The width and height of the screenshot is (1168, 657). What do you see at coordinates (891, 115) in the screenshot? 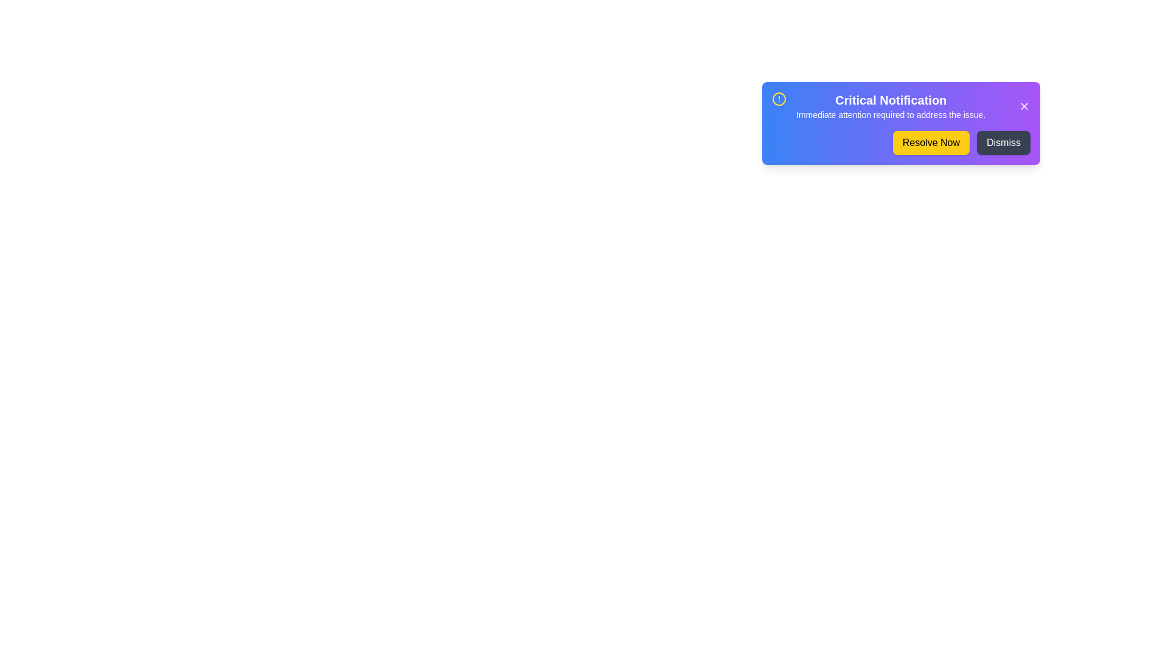
I see `the text element that reads 'Immediate attention required to address the issue,' which is located below the 'Critical Notification' heading in the notification card` at bounding box center [891, 115].